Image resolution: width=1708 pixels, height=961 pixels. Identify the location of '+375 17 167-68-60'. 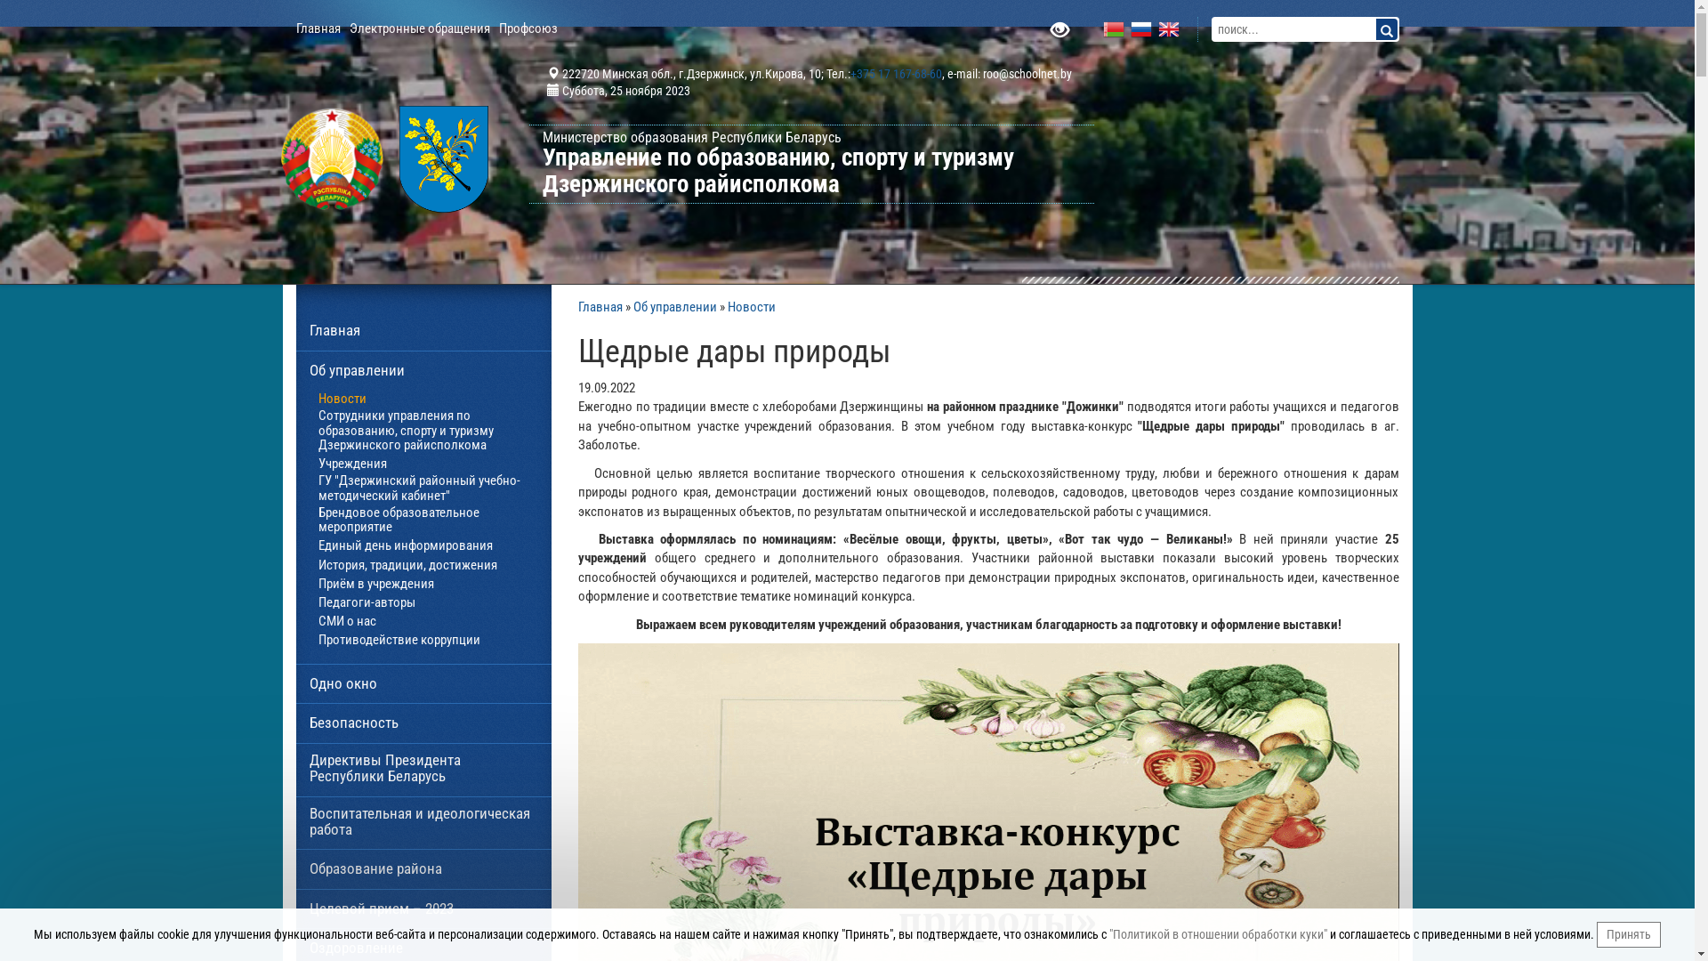
(896, 73).